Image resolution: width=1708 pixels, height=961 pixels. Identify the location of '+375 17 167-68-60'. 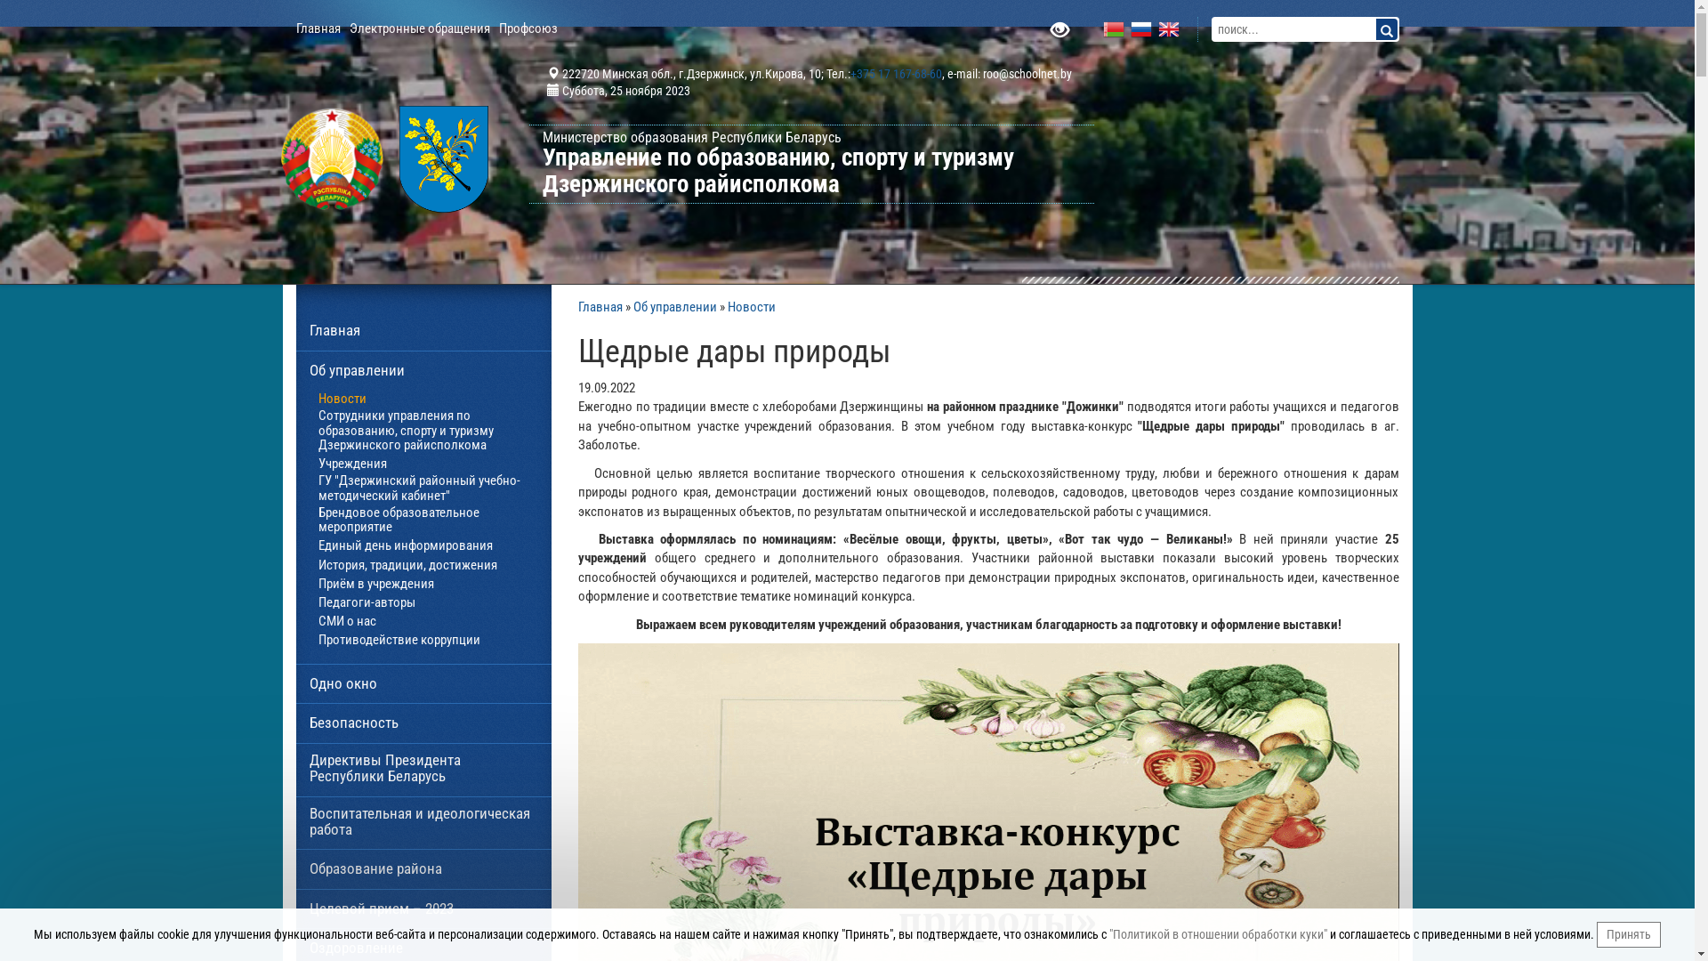
(896, 73).